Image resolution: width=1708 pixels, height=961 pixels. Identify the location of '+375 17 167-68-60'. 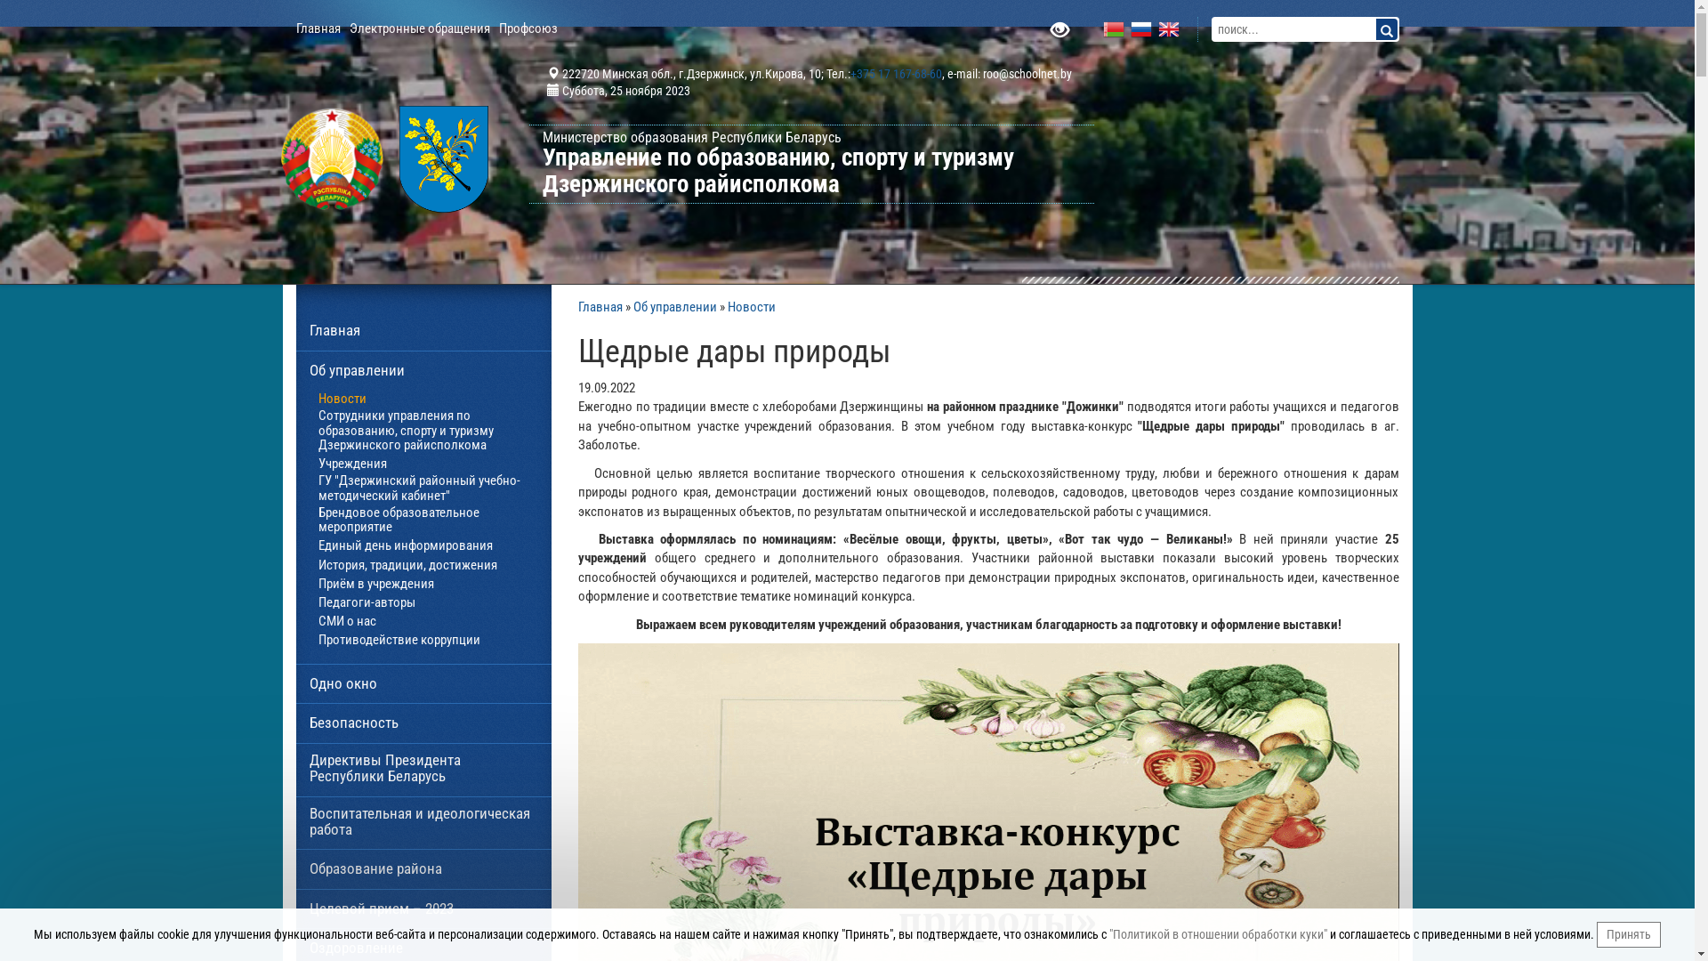
(896, 73).